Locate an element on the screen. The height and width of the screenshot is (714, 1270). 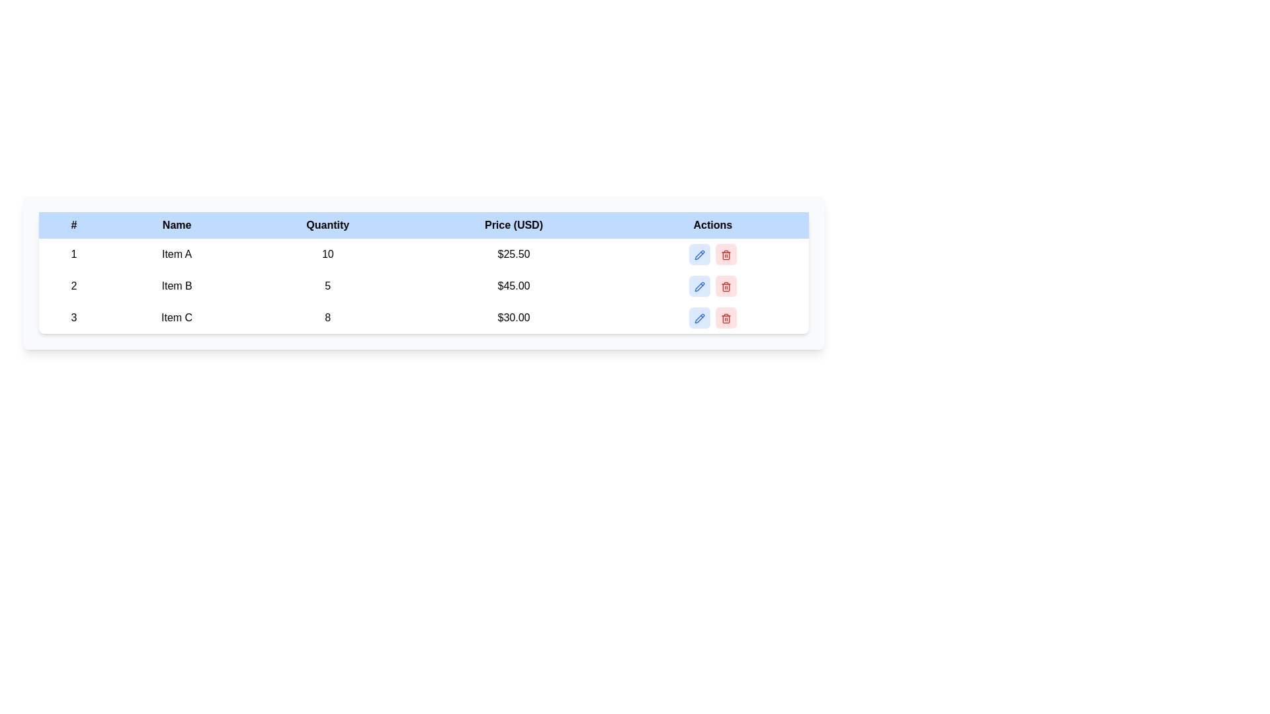
the third Table Header element which is located between the 'Name' and 'Price (USD)' headers, centrally positioned in the table is located at coordinates (327, 224).